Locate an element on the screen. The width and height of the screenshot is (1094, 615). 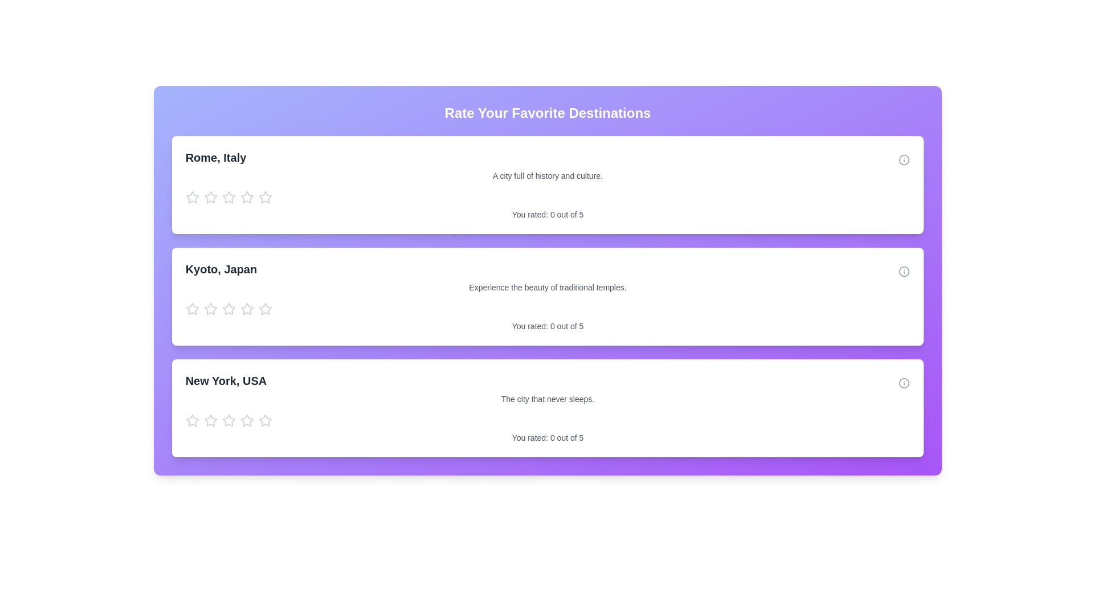
the circular outline SVG element located in the third row of the interface, next to the text 'New York, USA' is located at coordinates (904, 160).